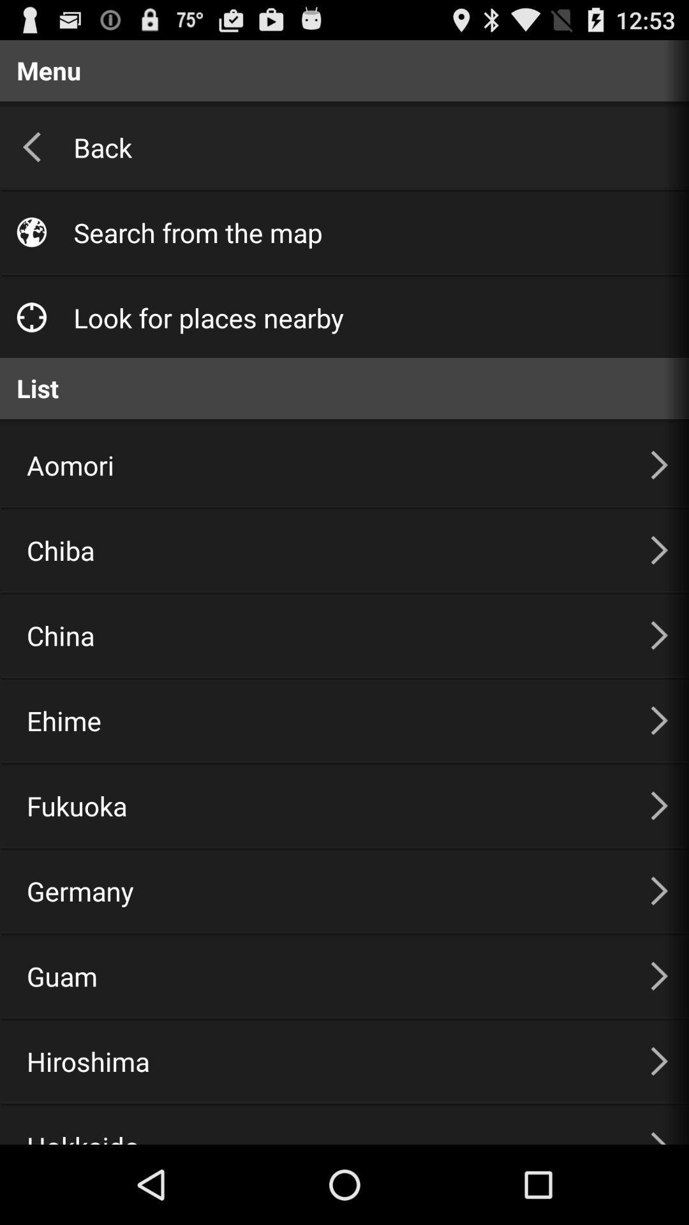  What do you see at coordinates (322, 890) in the screenshot?
I see `item below the fukuoka item` at bounding box center [322, 890].